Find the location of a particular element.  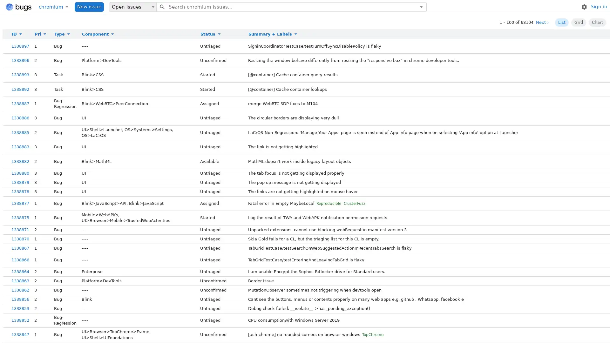

Search options is located at coordinates (421, 6).